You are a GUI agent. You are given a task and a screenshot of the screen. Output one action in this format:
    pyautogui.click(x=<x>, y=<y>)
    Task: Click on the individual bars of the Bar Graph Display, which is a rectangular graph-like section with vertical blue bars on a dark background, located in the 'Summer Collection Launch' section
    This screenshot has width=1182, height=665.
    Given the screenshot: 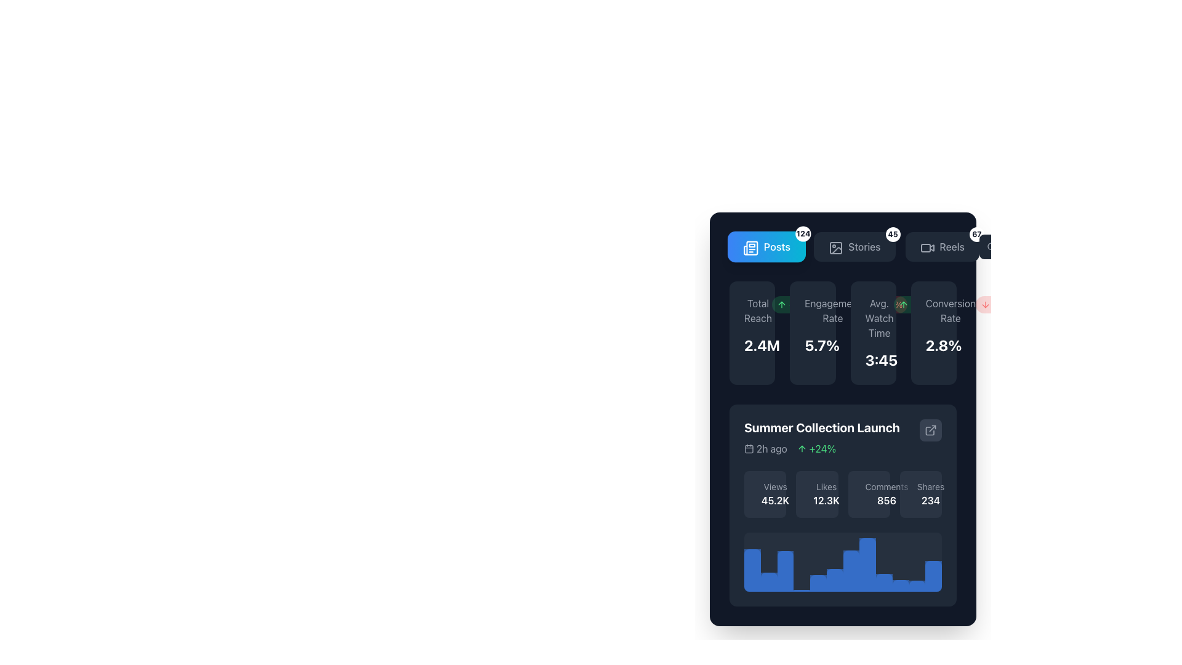 What is the action you would take?
    pyautogui.click(x=842, y=562)
    